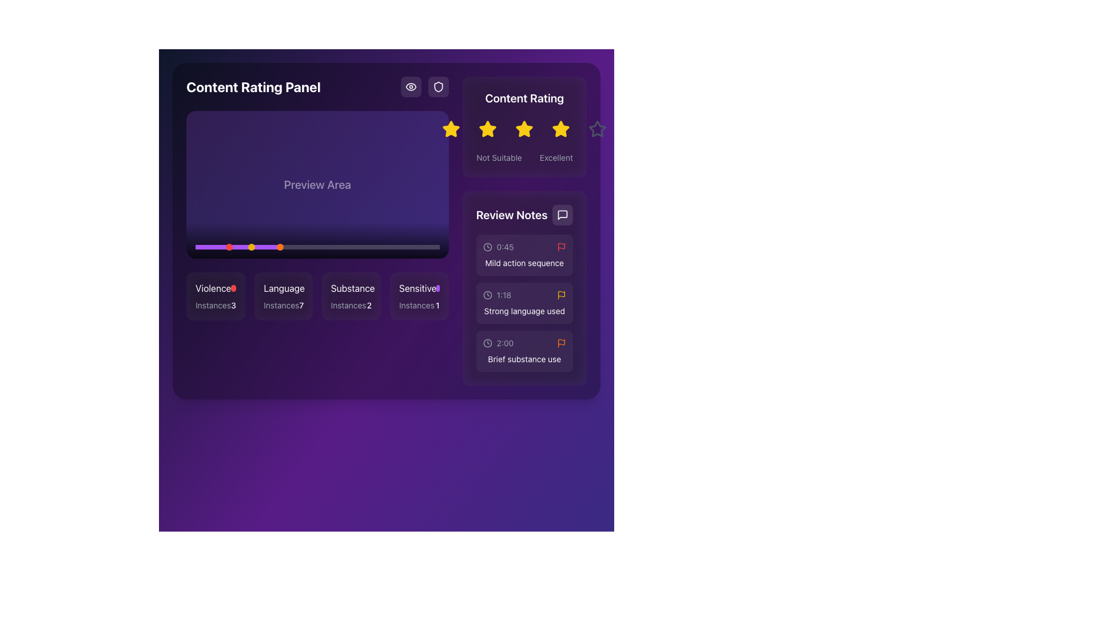  I want to click on timestamp information displayed in the text label located to the left of the note entry labeled 'Mild action sequence' in the 'Review Notes' section, so click(504, 247).